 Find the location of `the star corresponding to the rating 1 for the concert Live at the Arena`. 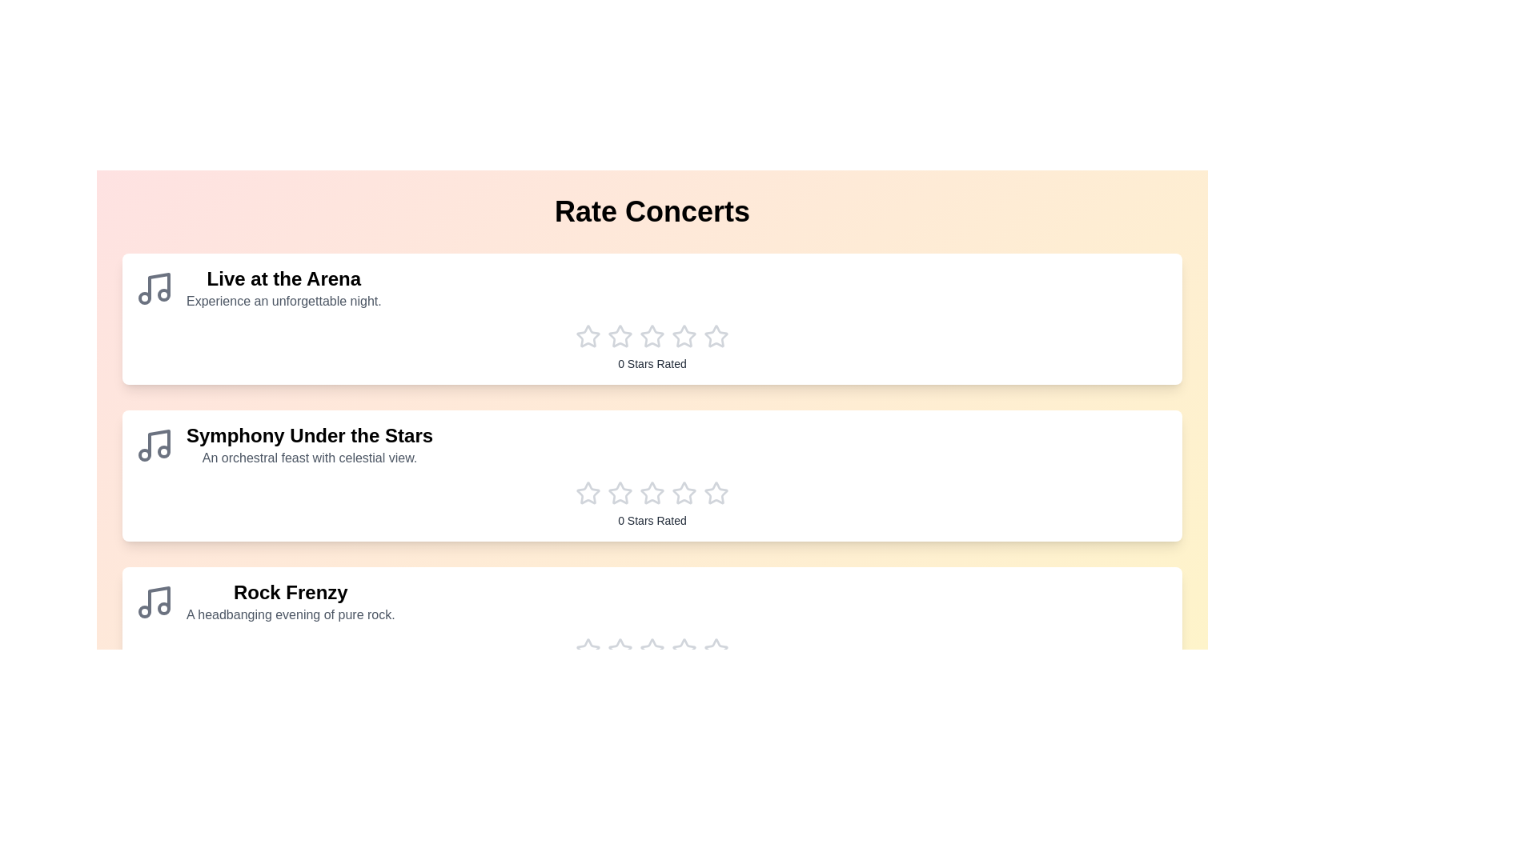

the star corresponding to the rating 1 for the concert Live at the Arena is located at coordinates (587, 335).